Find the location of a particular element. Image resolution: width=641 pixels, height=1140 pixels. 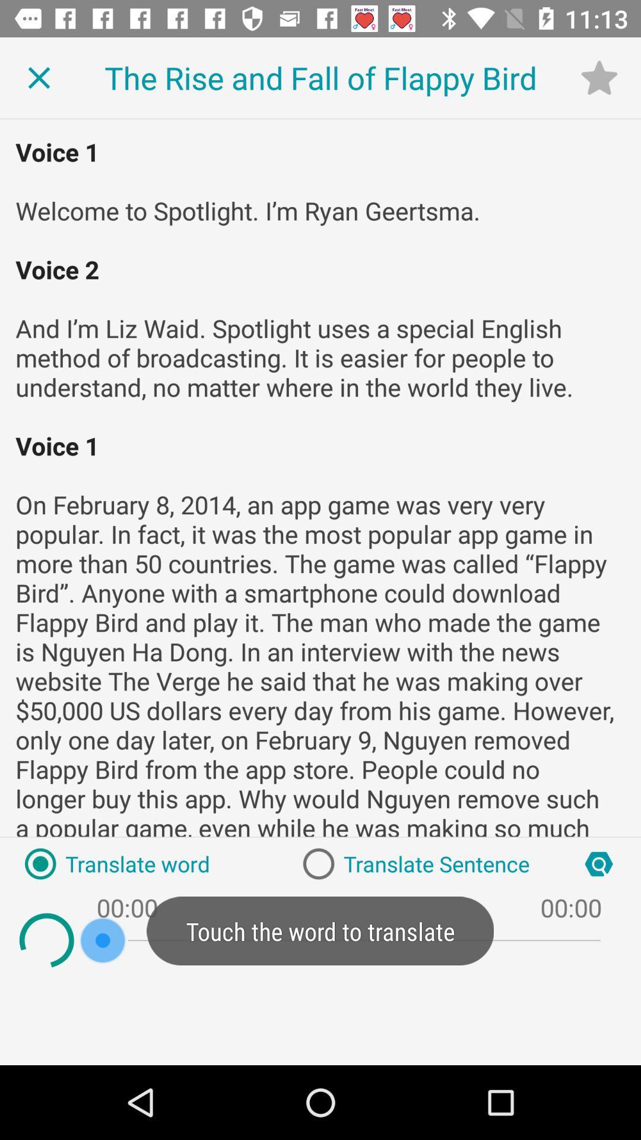

the search icon is located at coordinates (599, 864).